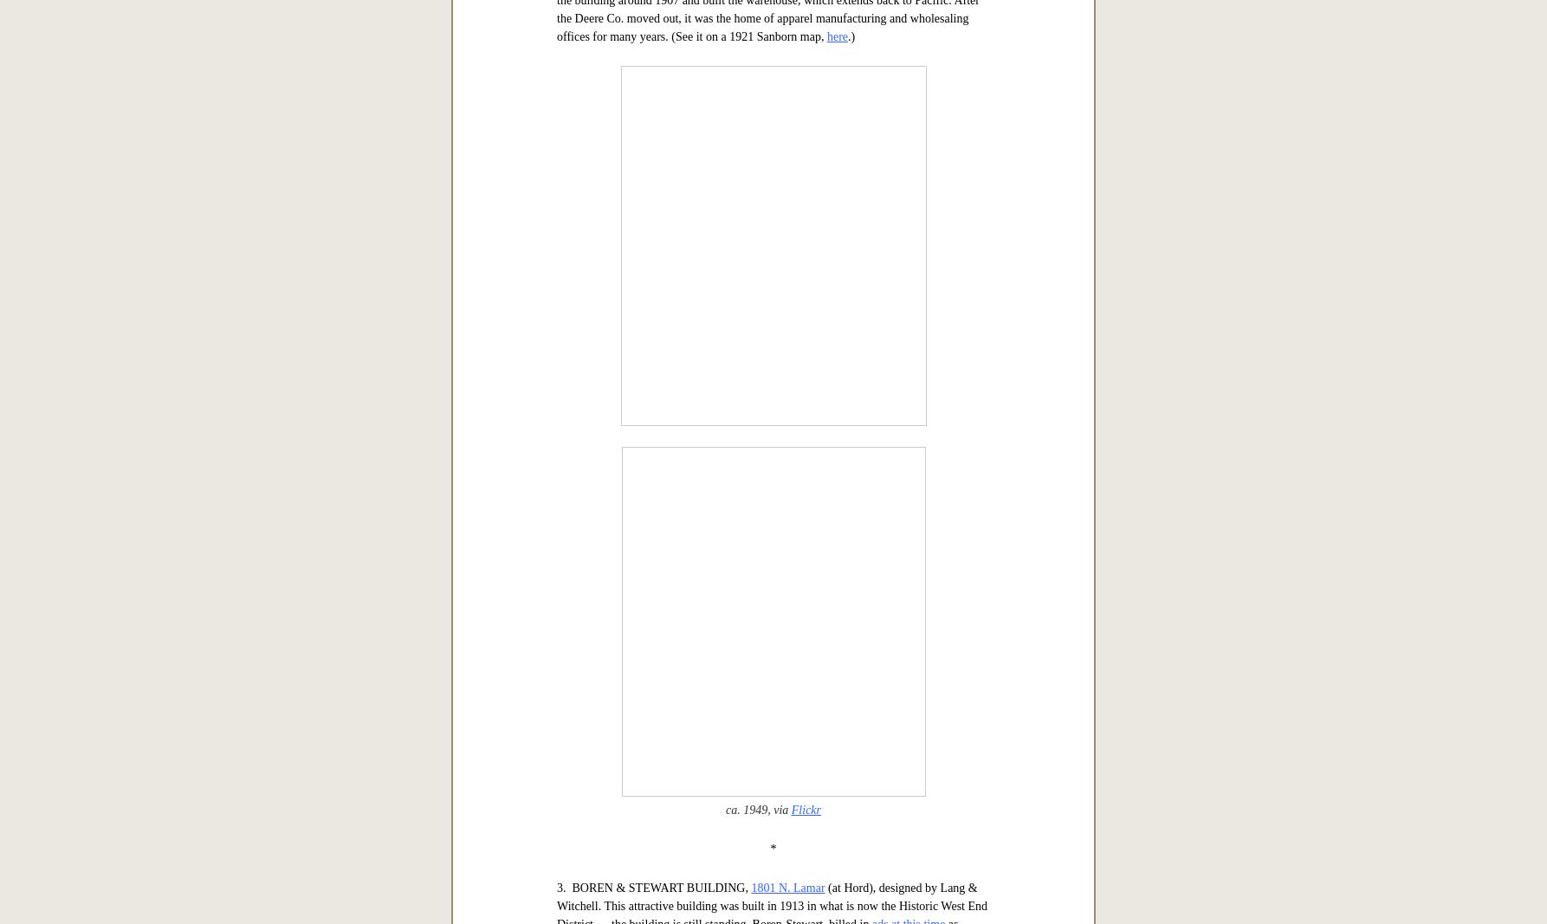 This screenshot has height=924, width=1547. What do you see at coordinates (821, 172) in the screenshot?
I see `'Commerce & Market'` at bounding box center [821, 172].